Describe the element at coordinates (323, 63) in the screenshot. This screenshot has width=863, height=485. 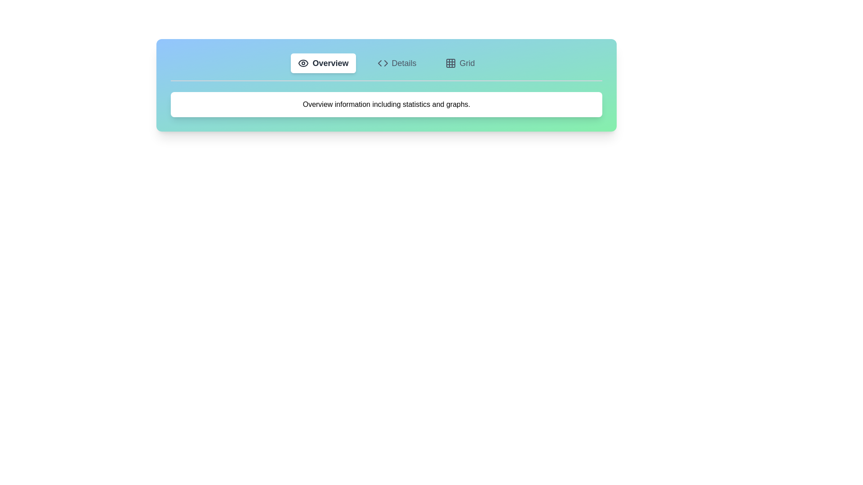
I see `the tab associated with Overview` at that location.